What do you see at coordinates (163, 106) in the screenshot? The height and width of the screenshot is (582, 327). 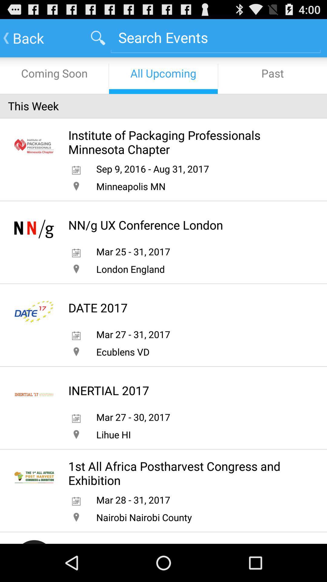 I see `the this week item` at bounding box center [163, 106].